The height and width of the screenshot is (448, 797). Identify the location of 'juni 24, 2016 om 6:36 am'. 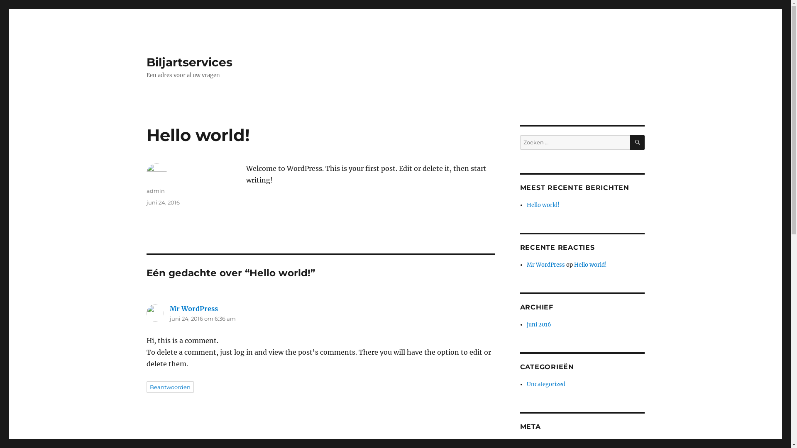
(202, 318).